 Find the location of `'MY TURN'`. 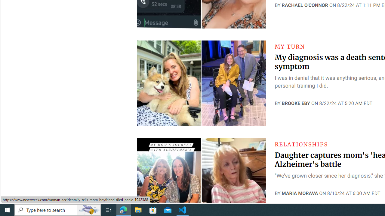

'MY TURN' is located at coordinates (290, 46).